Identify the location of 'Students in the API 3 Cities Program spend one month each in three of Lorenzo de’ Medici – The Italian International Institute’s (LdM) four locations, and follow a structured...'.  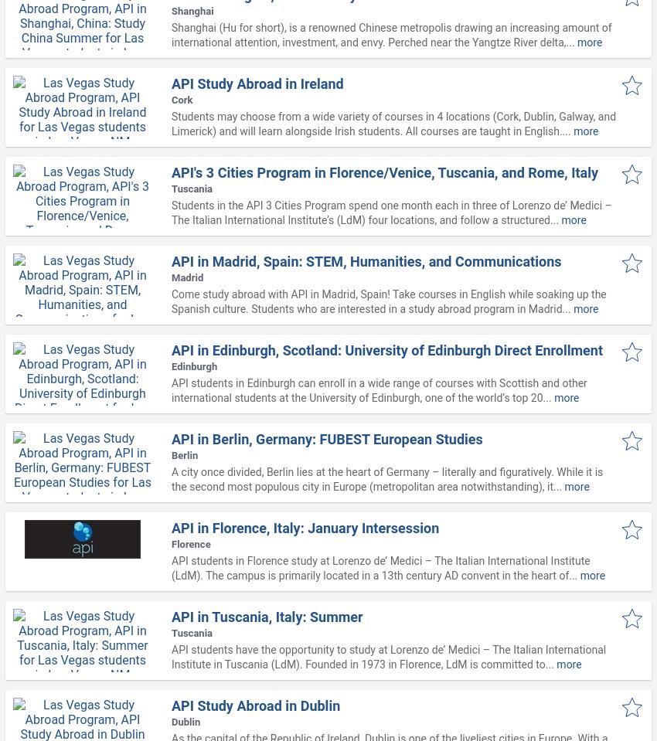
(391, 212).